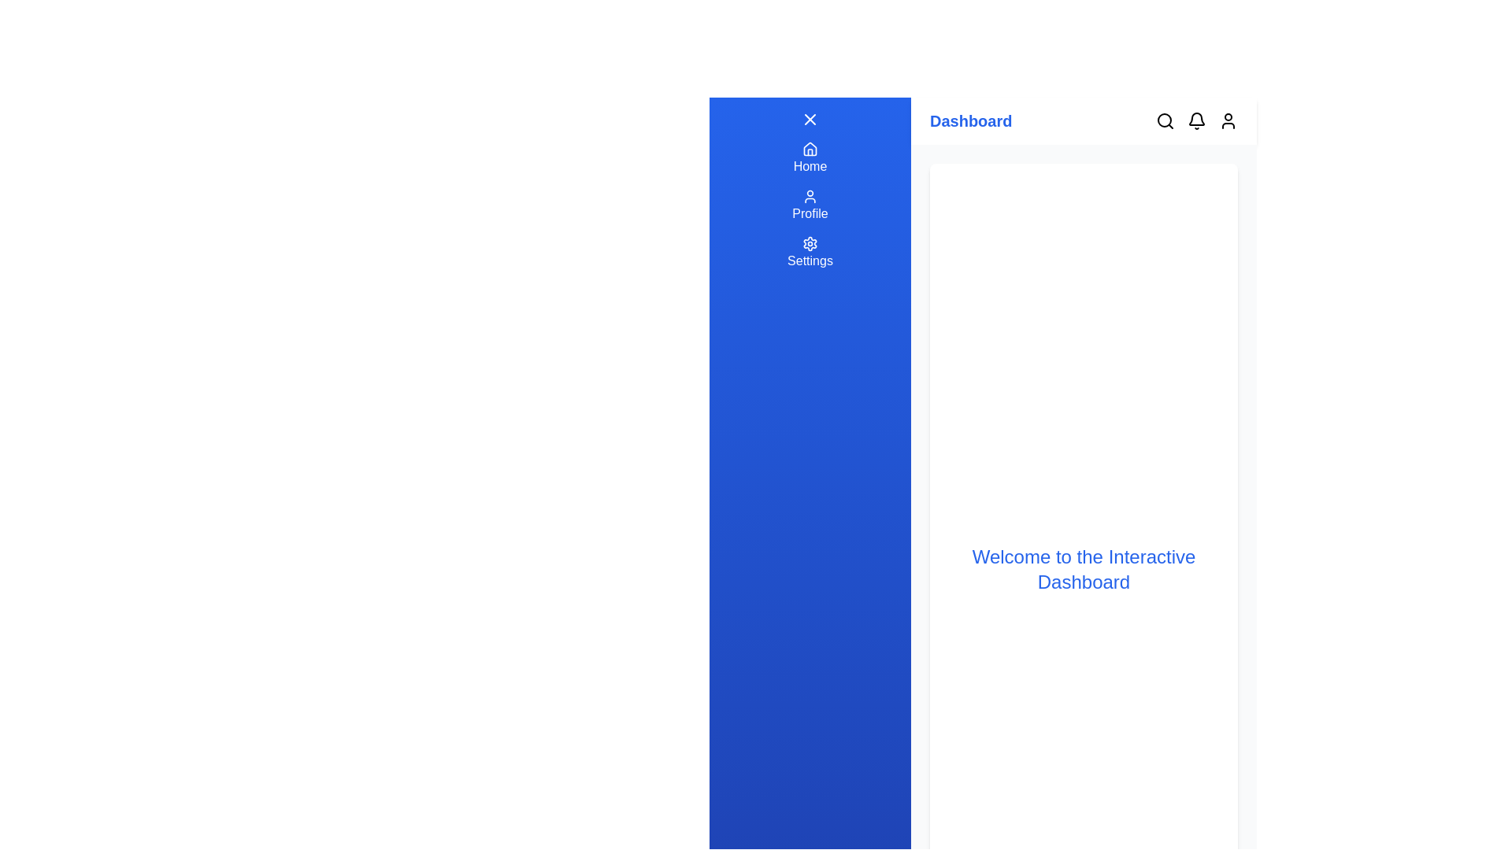 The image size is (1512, 850). Describe the element at coordinates (1197, 117) in the screenshot. I see `the notification icon` at that location.